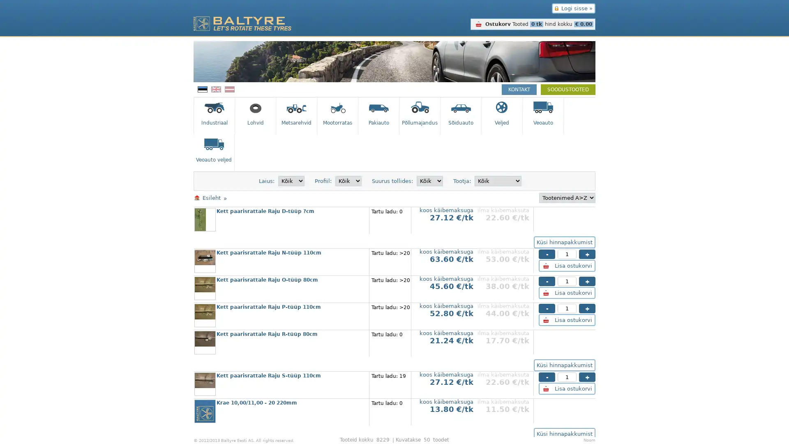 The height and width of the screenshot is (444, 789). I want to click on -, so click(547, 281).